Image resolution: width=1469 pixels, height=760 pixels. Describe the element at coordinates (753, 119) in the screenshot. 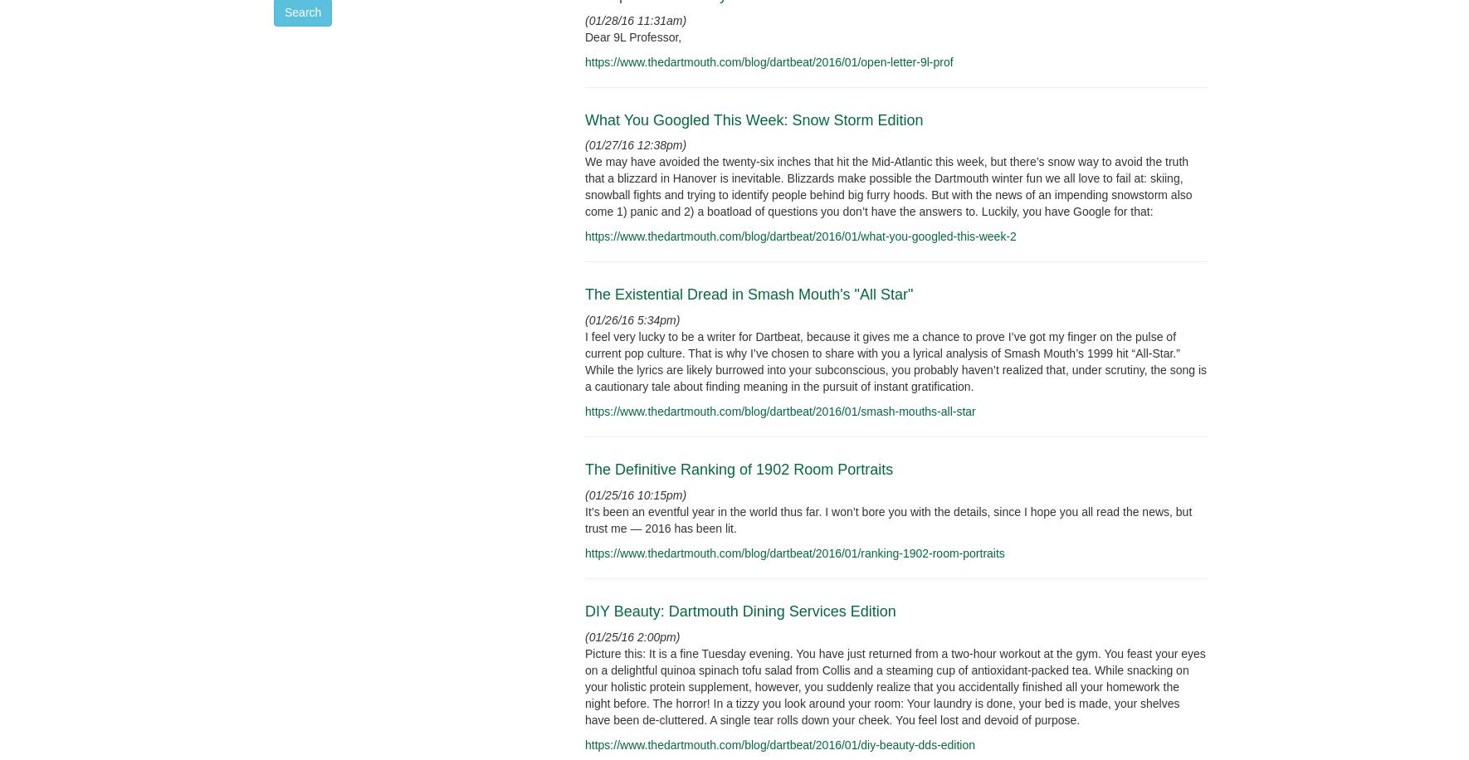

I see `'What You Googled This Week: Snow Storm Edition'` at that location.